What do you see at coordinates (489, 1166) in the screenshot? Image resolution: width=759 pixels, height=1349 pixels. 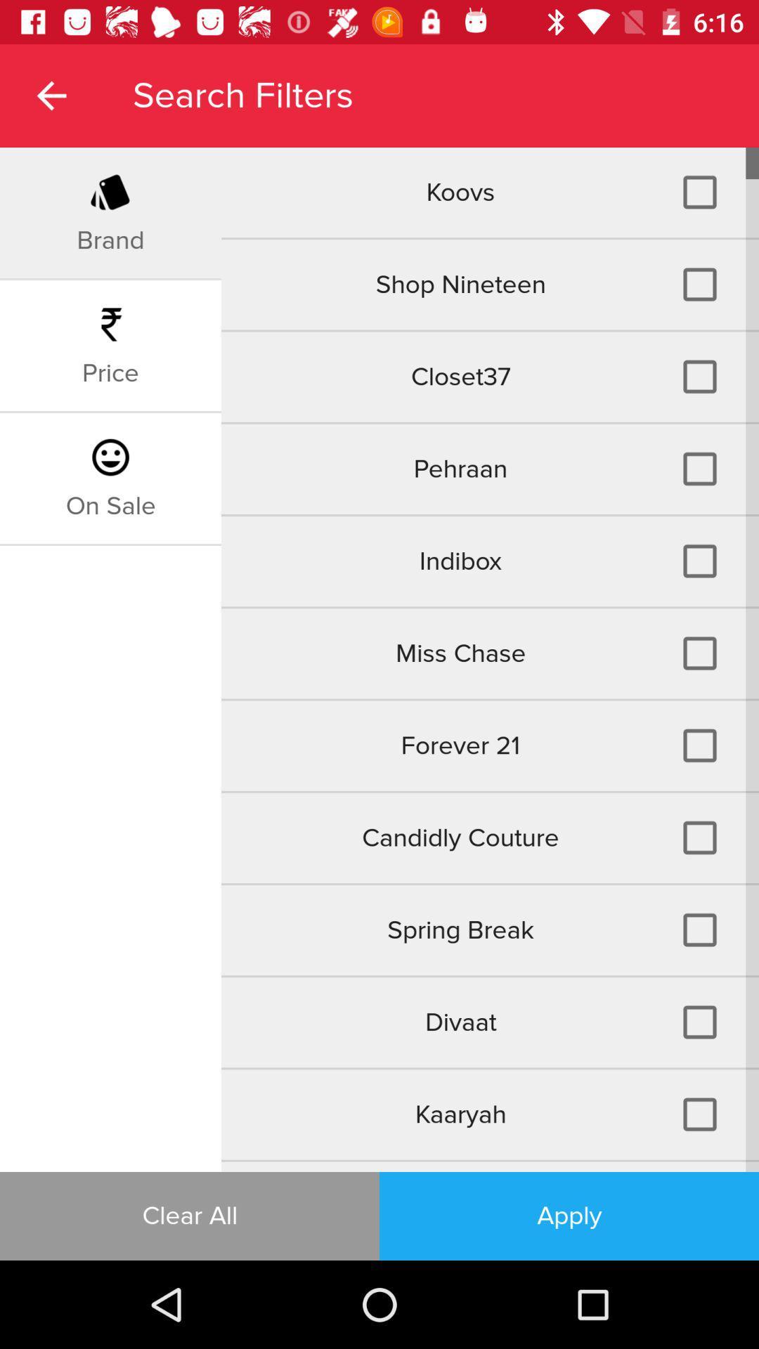 I see `item below kaaryah item` at bounding box center [489, 1166].